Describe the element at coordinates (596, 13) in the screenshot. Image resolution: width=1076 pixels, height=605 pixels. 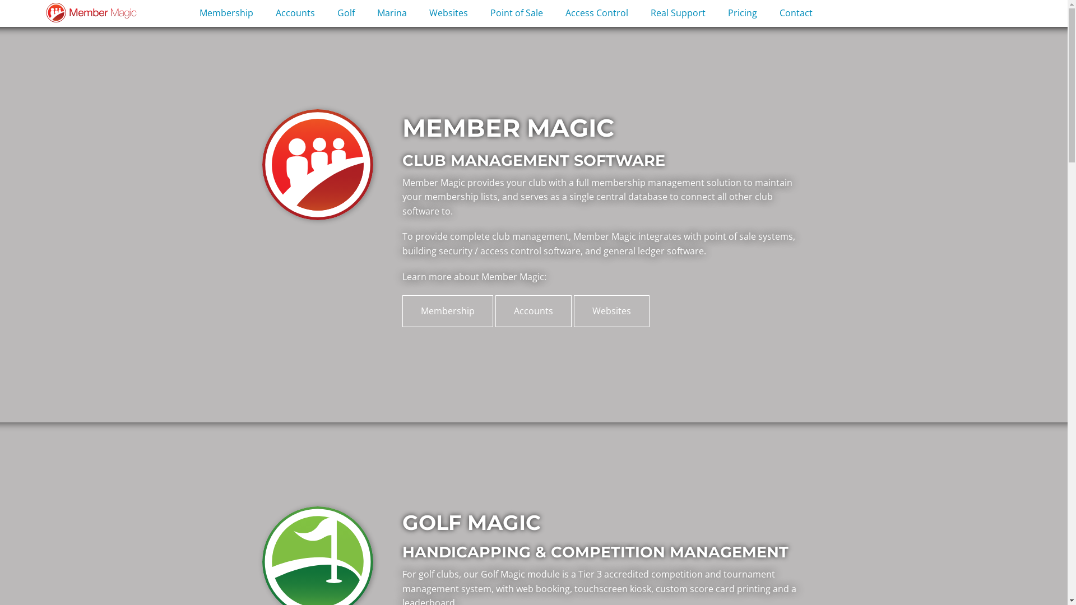
I see `'Access Control'` at that location.